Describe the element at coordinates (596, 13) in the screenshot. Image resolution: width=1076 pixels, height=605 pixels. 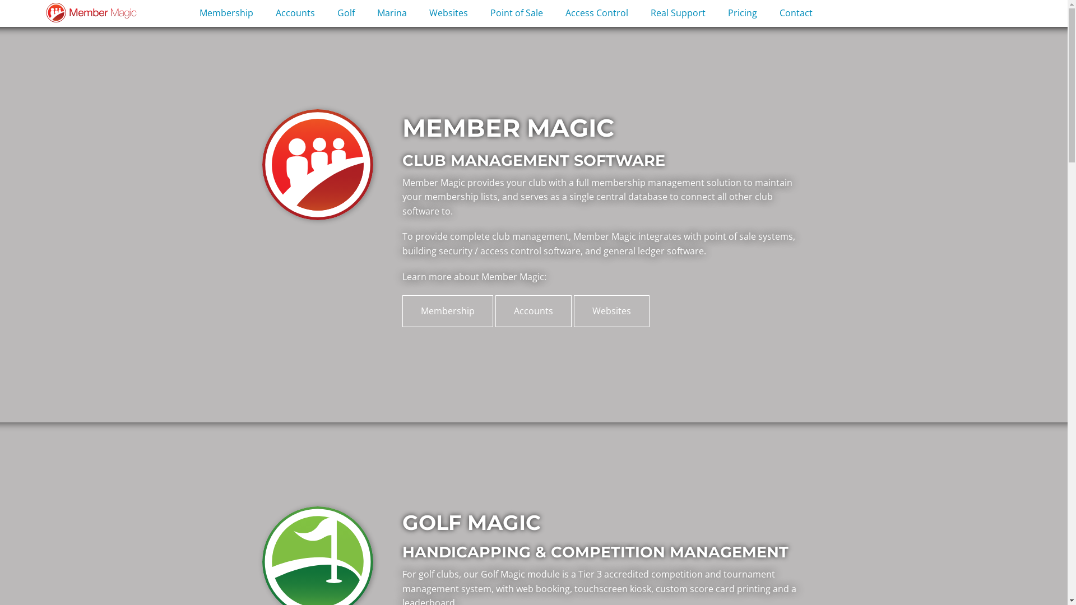
I see `'Access Control'` at that location.